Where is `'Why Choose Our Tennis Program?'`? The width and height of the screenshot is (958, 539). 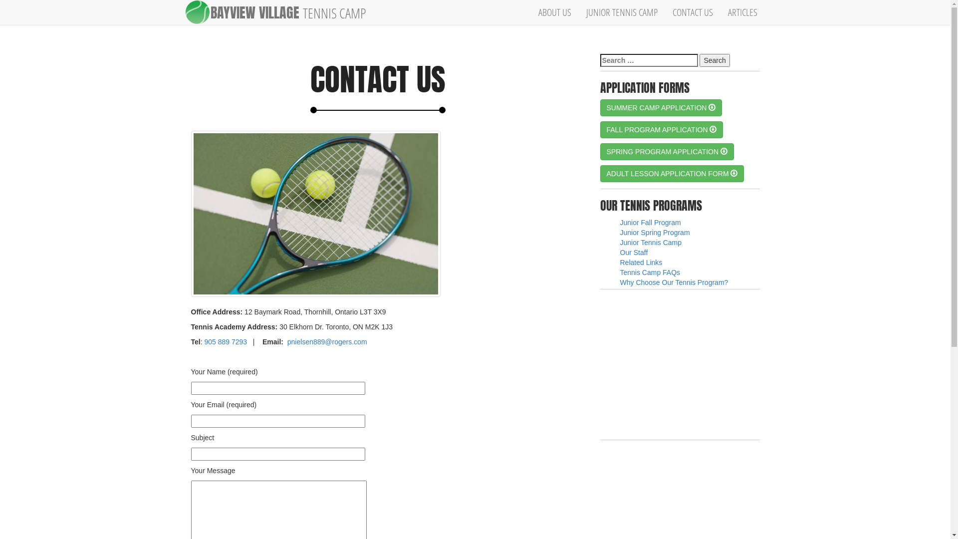
'Why Choose Our Tennis Program?' is located at coordinates (674, 282).